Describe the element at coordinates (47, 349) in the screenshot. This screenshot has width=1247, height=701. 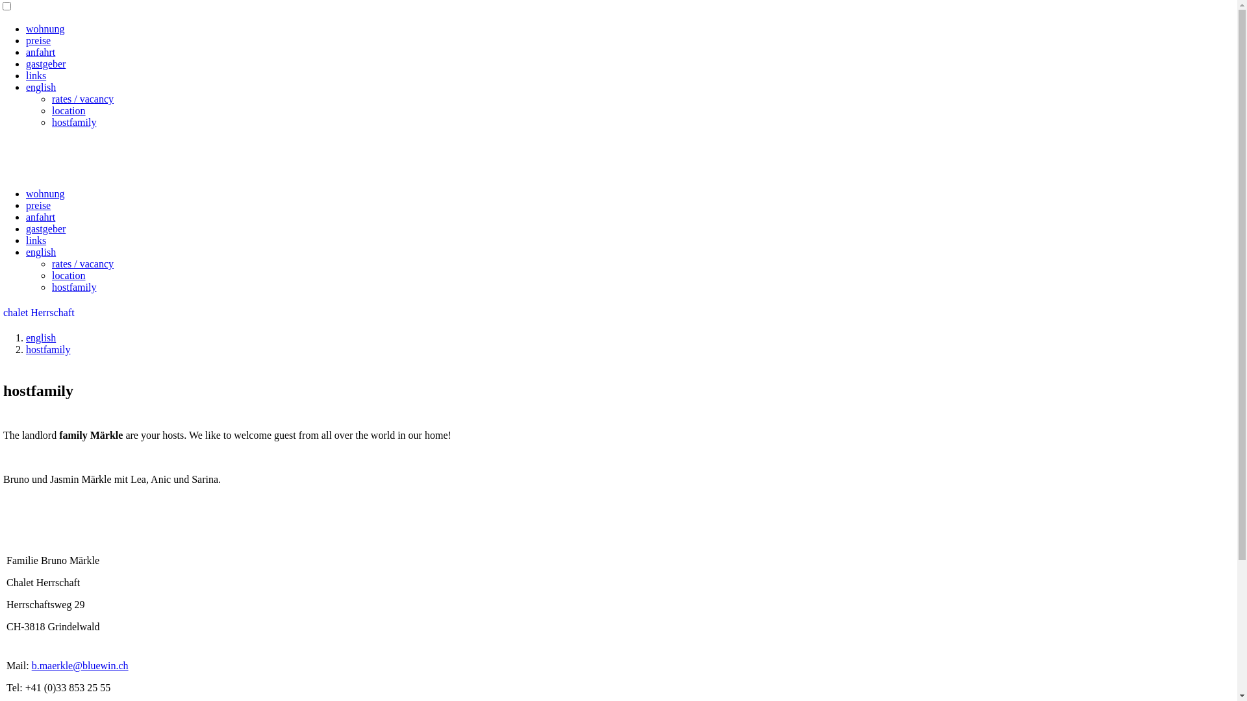
I see `'hostfamily'` at that location.